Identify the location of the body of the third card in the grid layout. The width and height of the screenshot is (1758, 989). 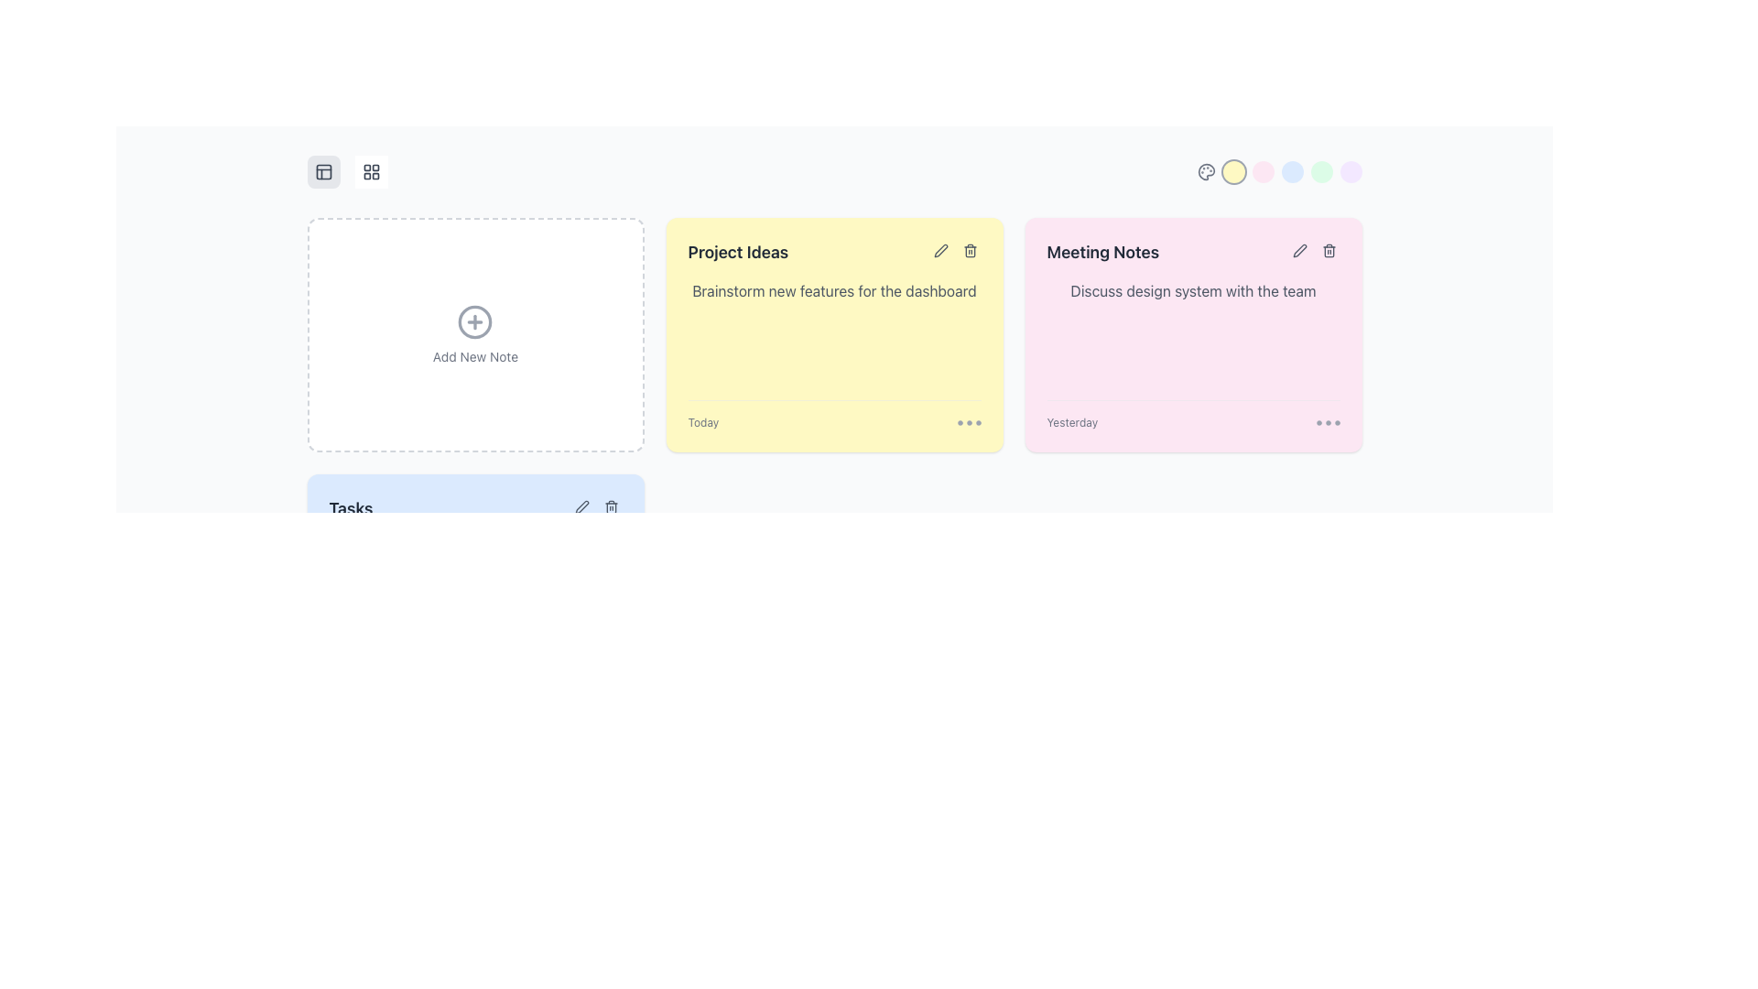
(1193, 335).